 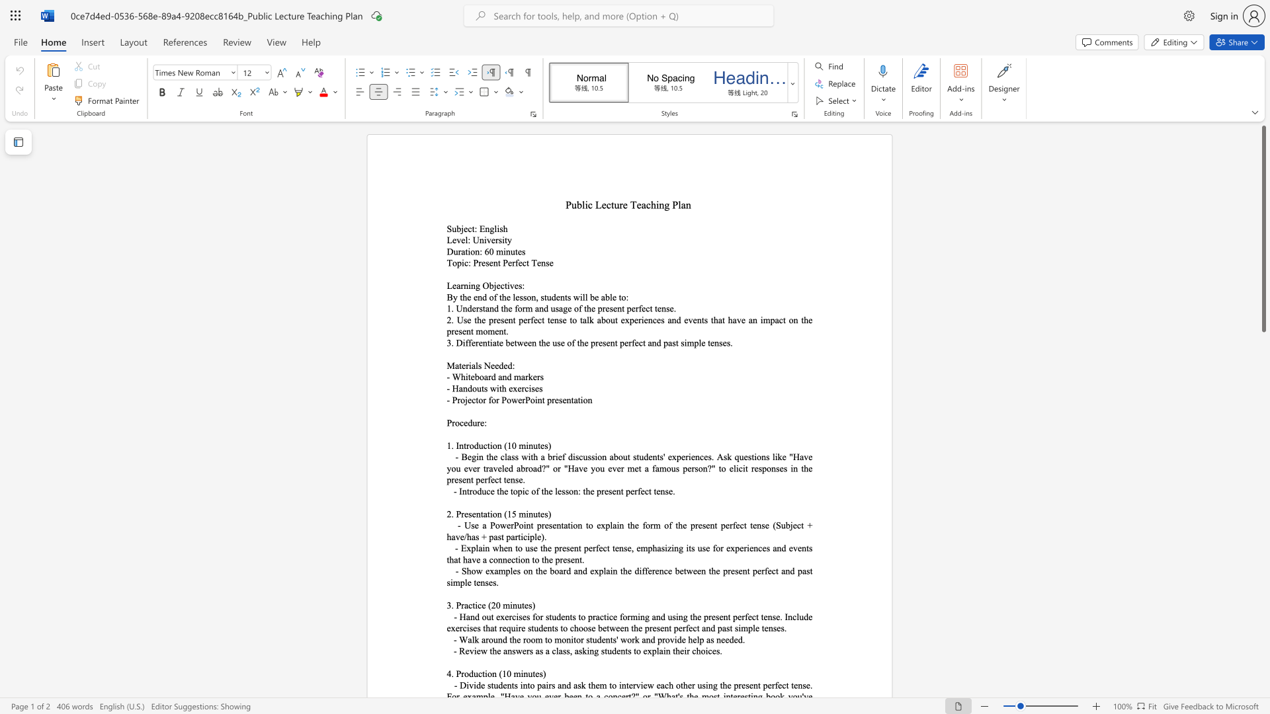 I want to click on the subset text "ass, asking students to explain t" within the text "- Review the answers as a class, asking students to explain their choices.", so click(x=558, y=650).